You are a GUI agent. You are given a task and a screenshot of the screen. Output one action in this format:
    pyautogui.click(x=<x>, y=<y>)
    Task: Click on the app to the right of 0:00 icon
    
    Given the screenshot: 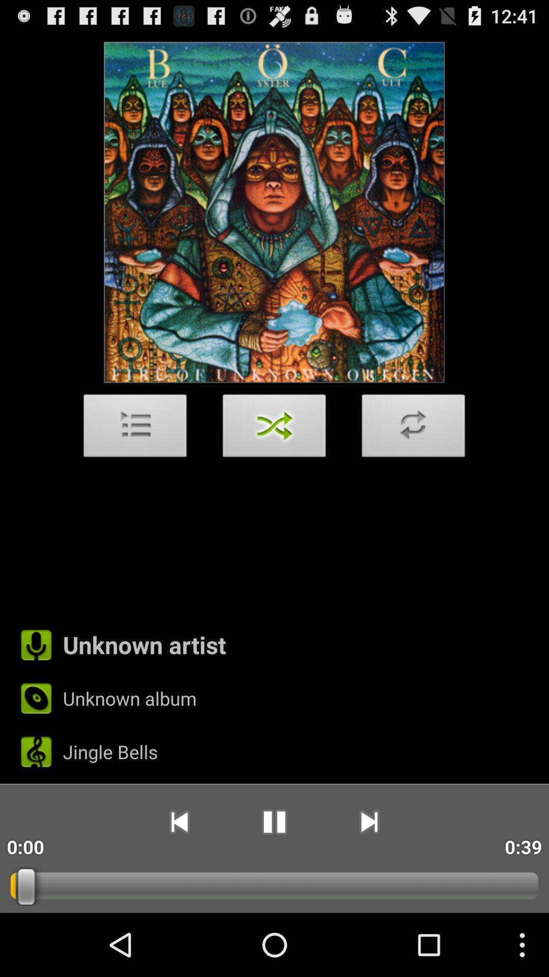 What is the action you would take?
    pyautogui.click(x=178, y=822)
    